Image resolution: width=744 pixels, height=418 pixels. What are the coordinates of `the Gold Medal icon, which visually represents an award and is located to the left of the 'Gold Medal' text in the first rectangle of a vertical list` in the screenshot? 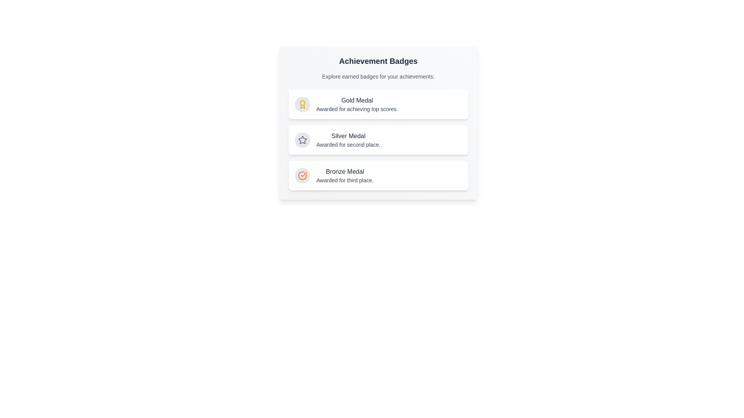 It's located at (302, 104).